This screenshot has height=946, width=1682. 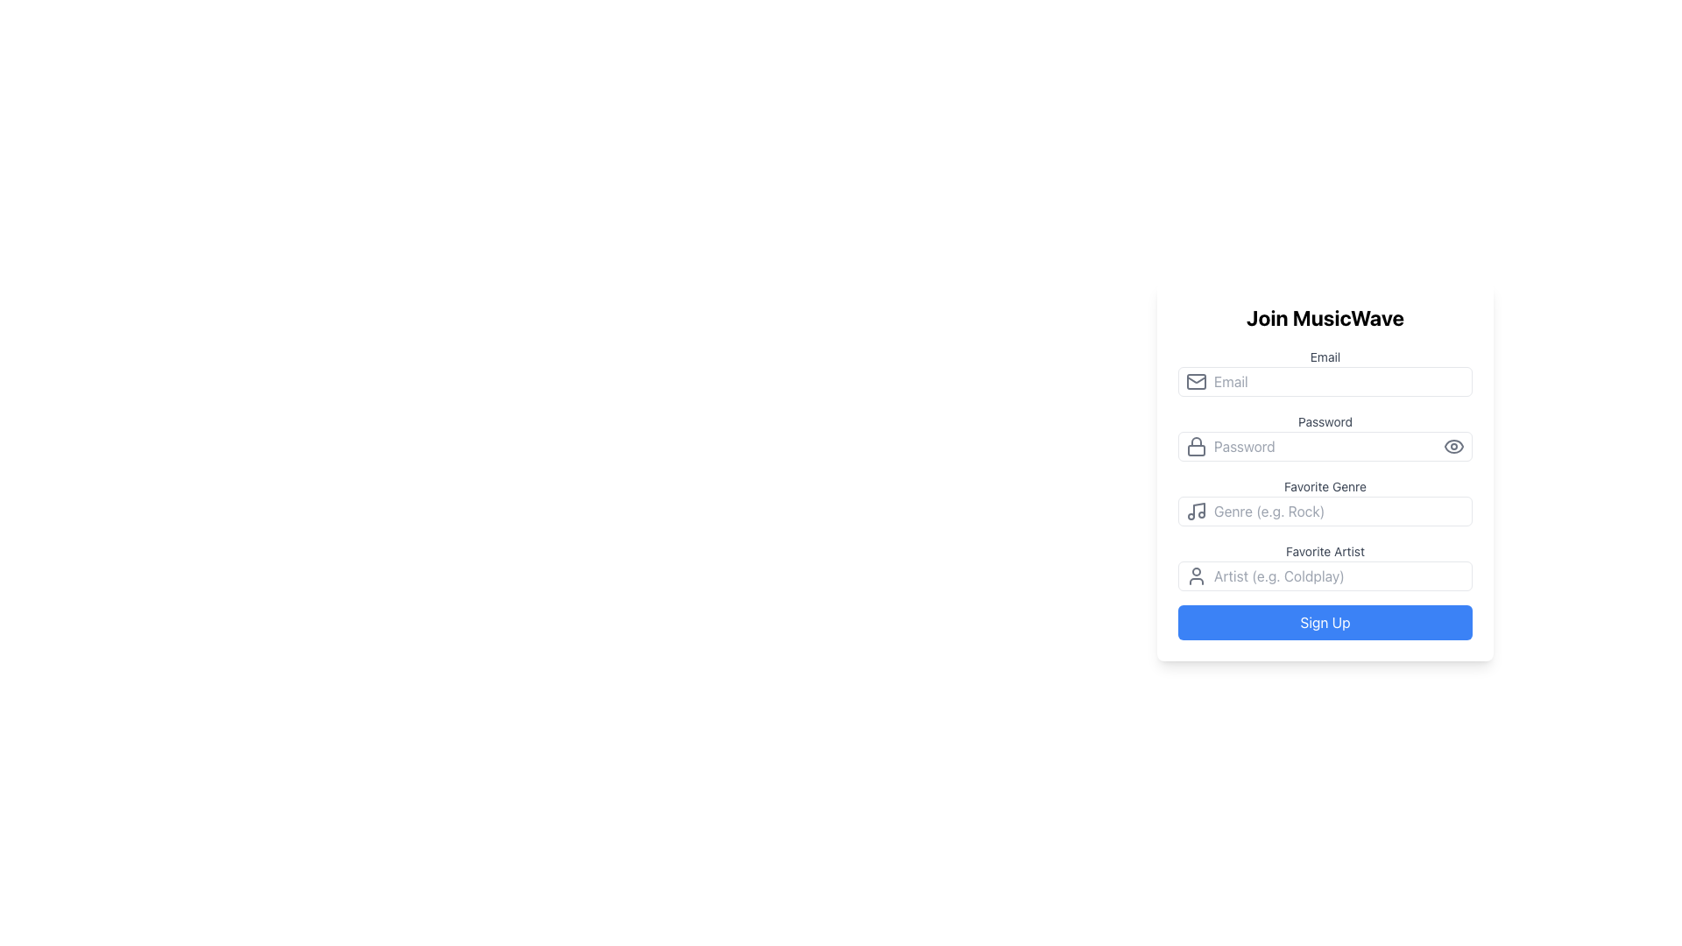 I want to click on the 'Password' text label, which is styled in a smaller gray font and positioned above the password input field adjacent to a lock icon, so click(x=1325, y=421).